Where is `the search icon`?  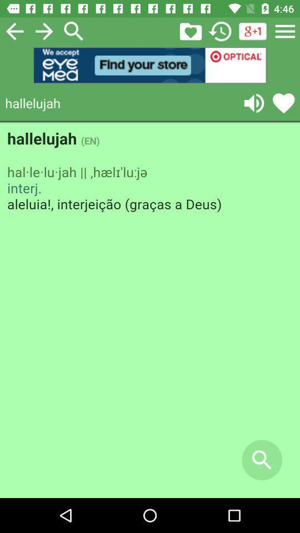
the search icon is located at coordinates (74, 31).